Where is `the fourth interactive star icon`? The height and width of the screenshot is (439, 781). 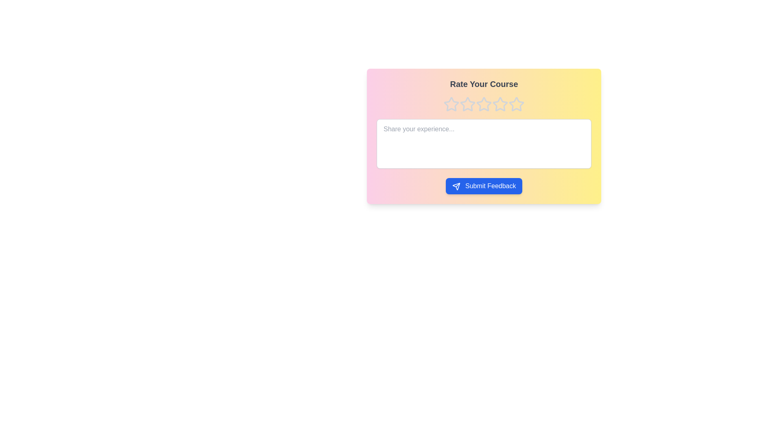
the fourth interactive star icon is located at coordinates (516, 104).